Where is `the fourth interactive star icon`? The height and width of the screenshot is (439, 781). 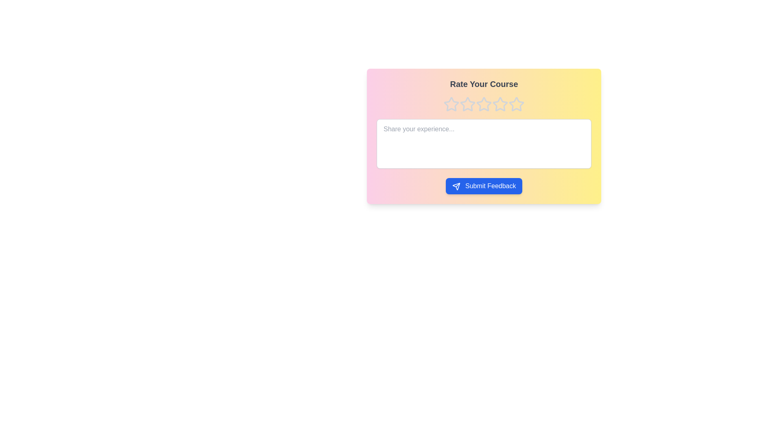
the fourth interactive star icon is located at coordinates (516, 104).